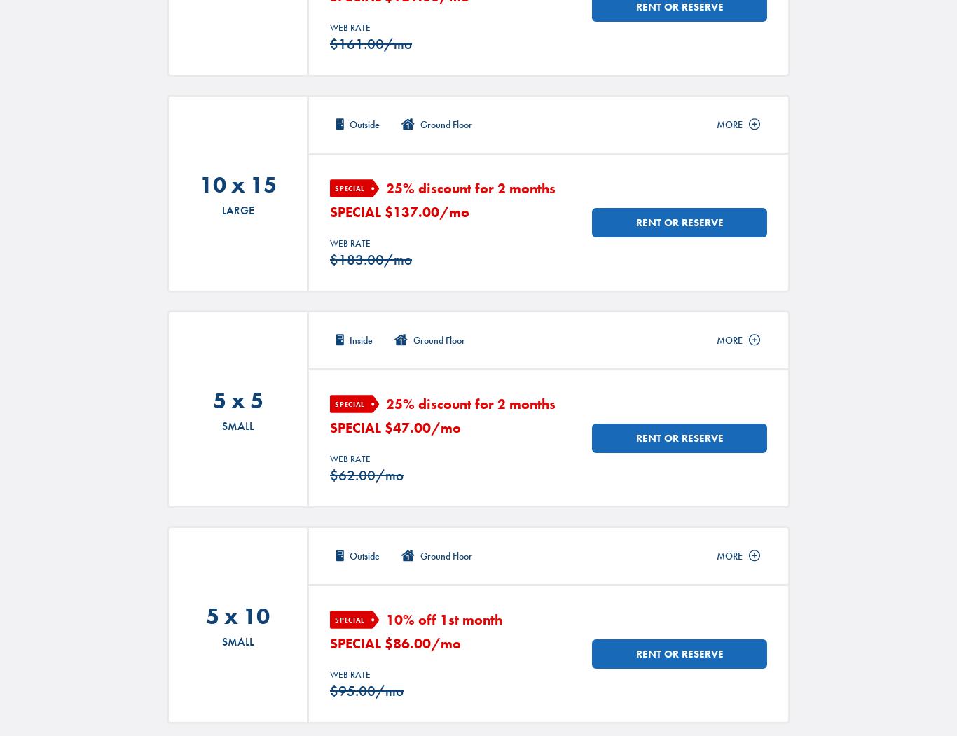  Describe the element at coordinates (237, 209) in the screenshot. I see `'Large'` at that location.